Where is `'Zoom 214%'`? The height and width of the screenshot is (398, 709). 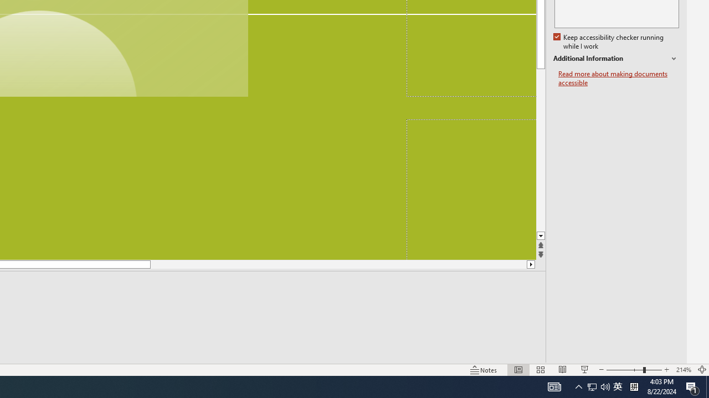 'Zoom 214%' is located at coordinates (683, 370).